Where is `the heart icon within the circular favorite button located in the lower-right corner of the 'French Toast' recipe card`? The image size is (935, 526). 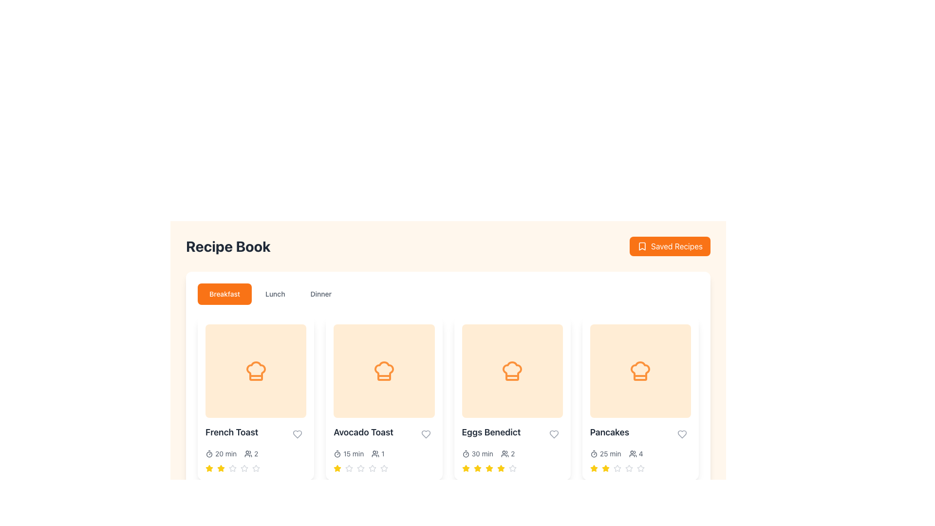 the heart icon within the circular favorite button located in the lower-right corner of the 'French Toast' recipe card is located at coordinates (297, 433).